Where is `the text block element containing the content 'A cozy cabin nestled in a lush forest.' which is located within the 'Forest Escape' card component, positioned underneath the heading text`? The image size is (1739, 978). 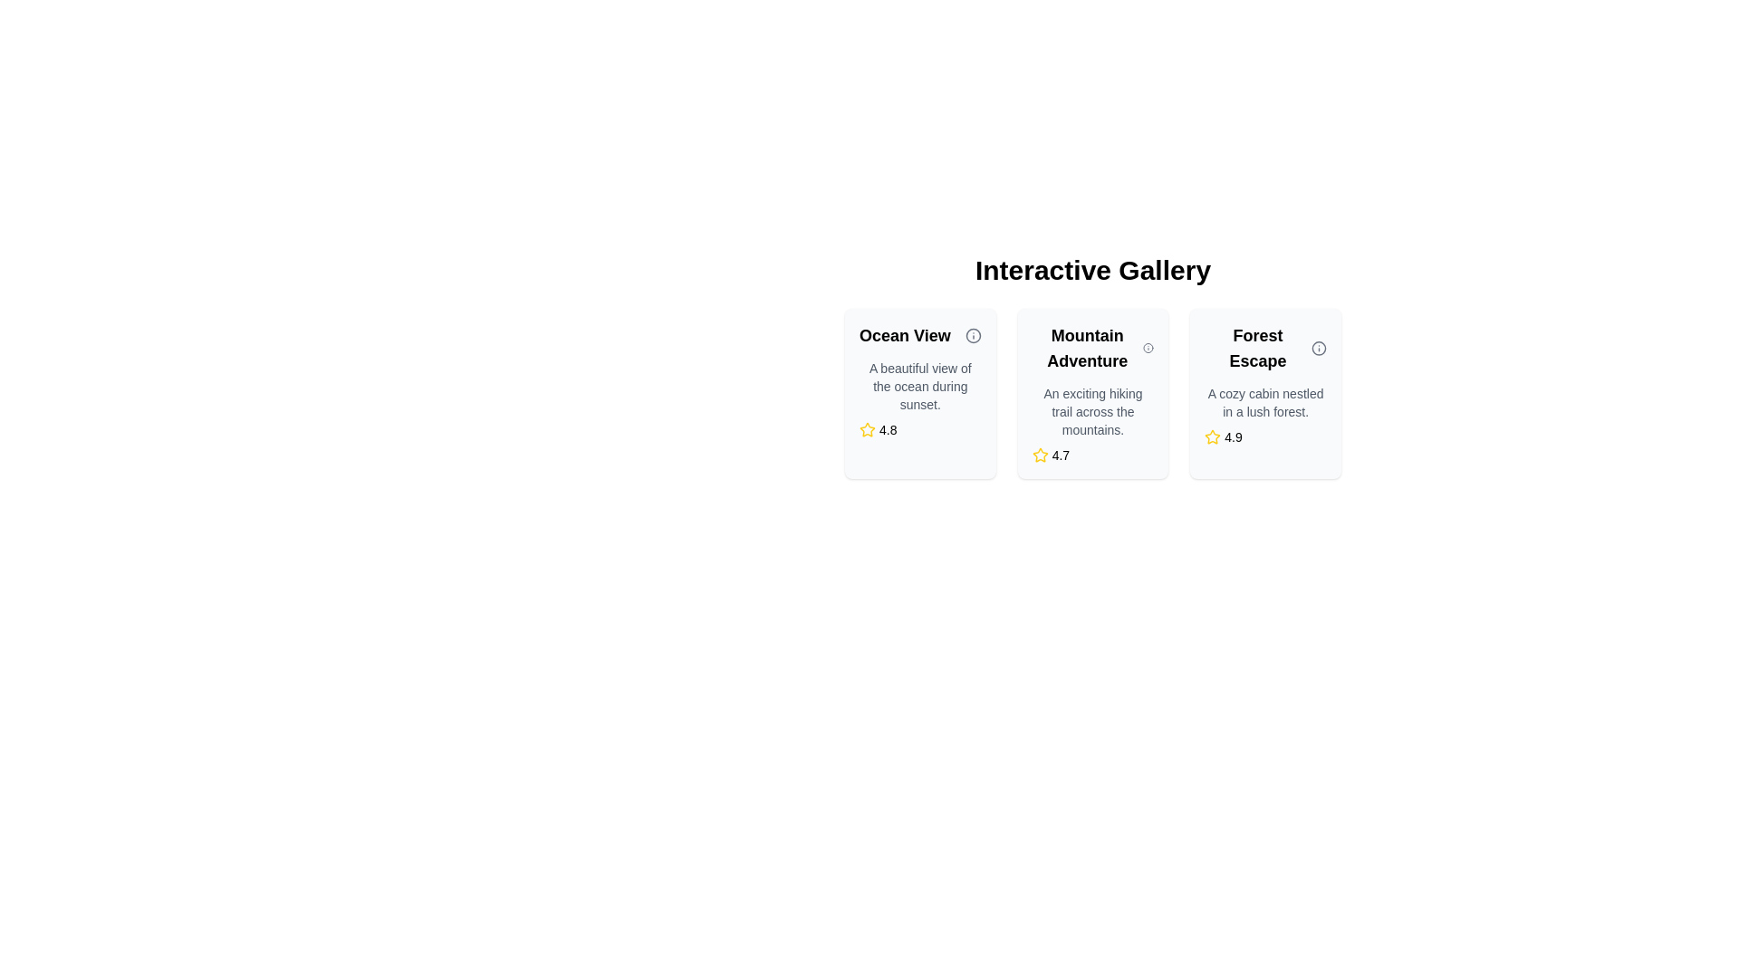 the text block element containing the content 'A cozy cabin nestled in a lush forest.' which is located within the 'Forest Escape' card component, positioned underneath the heading text is located at coordinates (1264, 401).